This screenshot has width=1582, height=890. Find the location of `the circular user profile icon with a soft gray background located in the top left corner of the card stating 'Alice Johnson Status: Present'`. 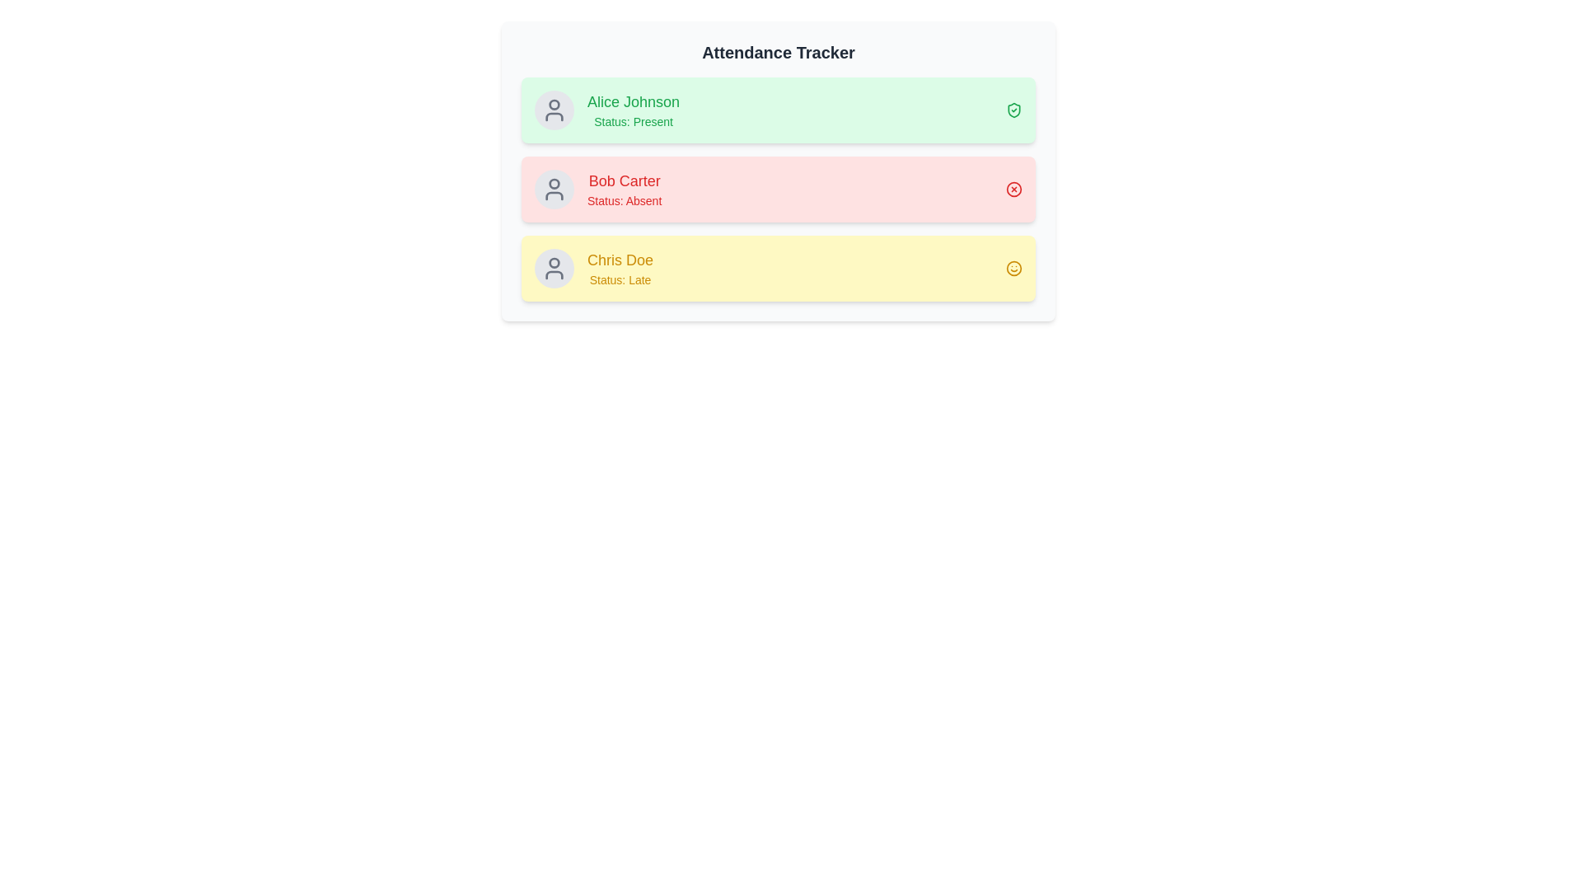

the circular user profile icon with a soft gray background located in the top left corner of the card stating 'Alice Johnson Status: Present' is located at coordinates (554, 110).